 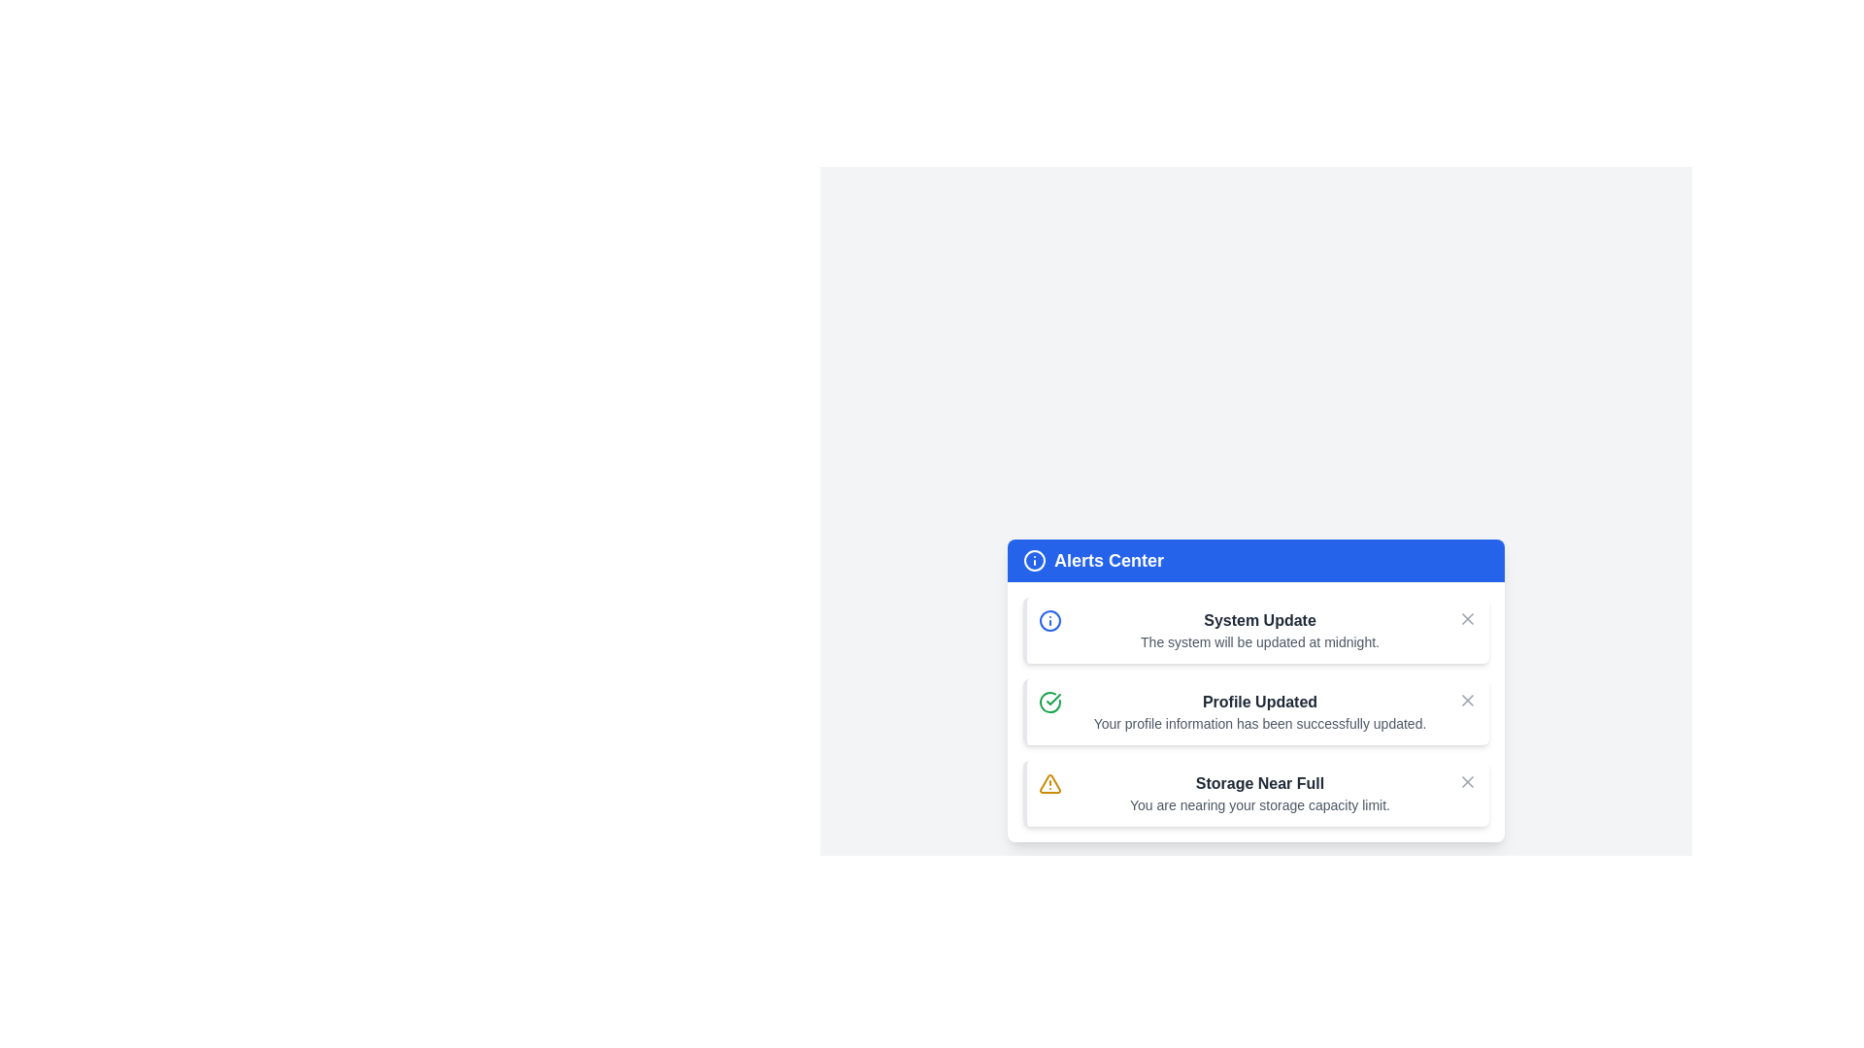 What do you see at coordinates (1256, 793) in the screenshot?
I see `the dismiss button on the warning notification about storage nearing capacity, located as the third notification in the Alerts Center panel` at bounding box center [1256, 793].